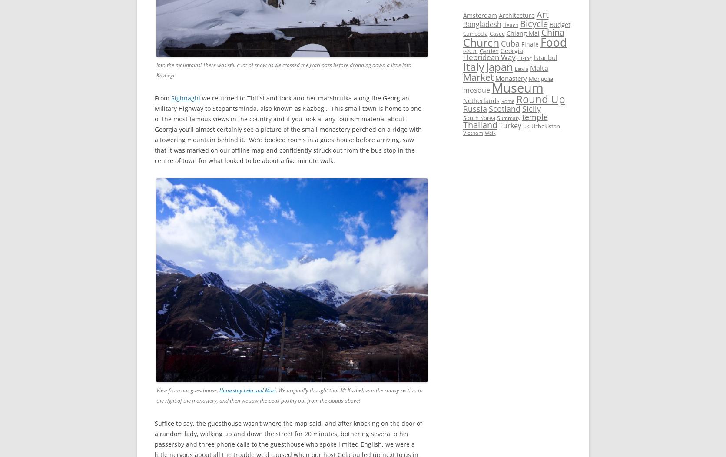 This screenshot has height=457, width=726. What do you see at coordinates (511, 50) in the screenshot?
I see `'Georgia'` at bounding box center [511, 50].